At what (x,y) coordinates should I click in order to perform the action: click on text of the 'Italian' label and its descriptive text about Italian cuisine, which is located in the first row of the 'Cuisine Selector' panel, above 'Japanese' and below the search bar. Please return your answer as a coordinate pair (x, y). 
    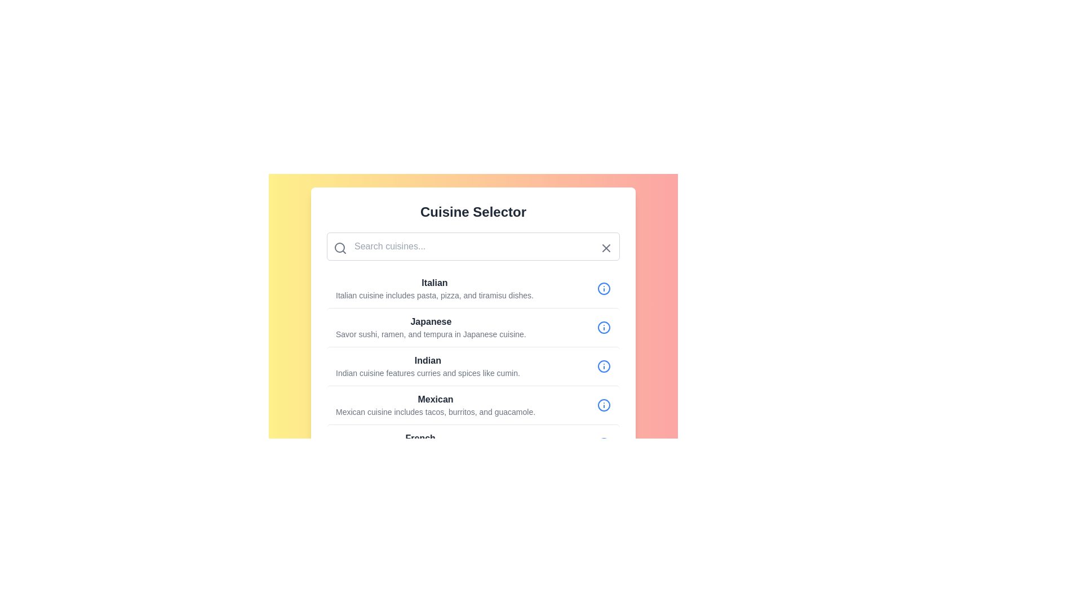
    Looking at the image, I should click on (434, 288).